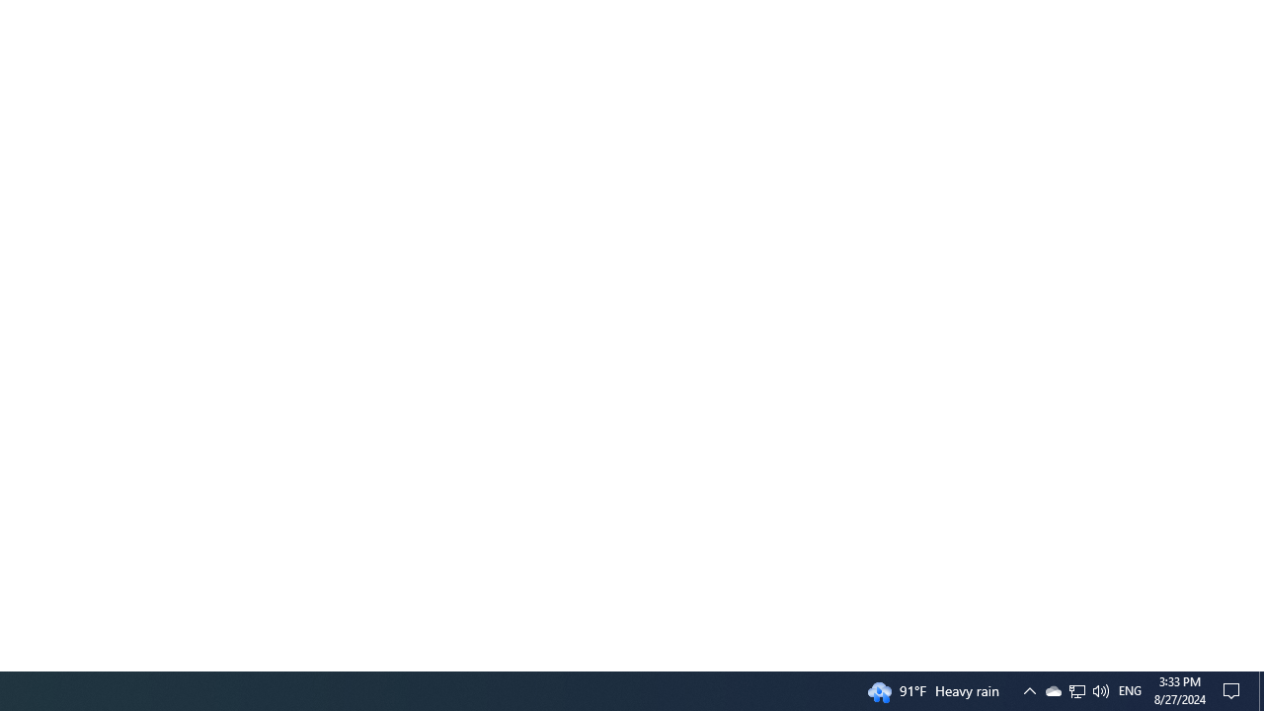 Image resolution: width=1264 pixels, height=711 pixels. I want to click on 'Notification Chevron', so click(1028, 689).